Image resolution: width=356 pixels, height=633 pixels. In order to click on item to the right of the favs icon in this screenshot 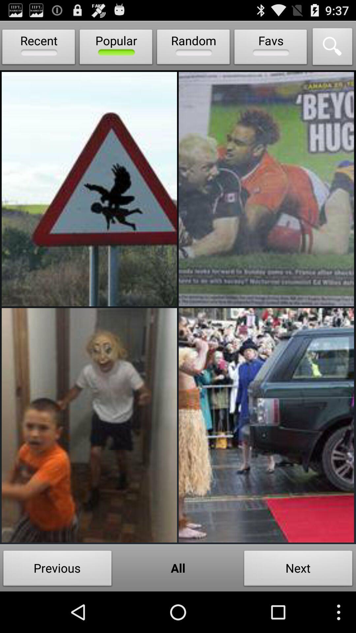, I will do `click(333, 48)`.